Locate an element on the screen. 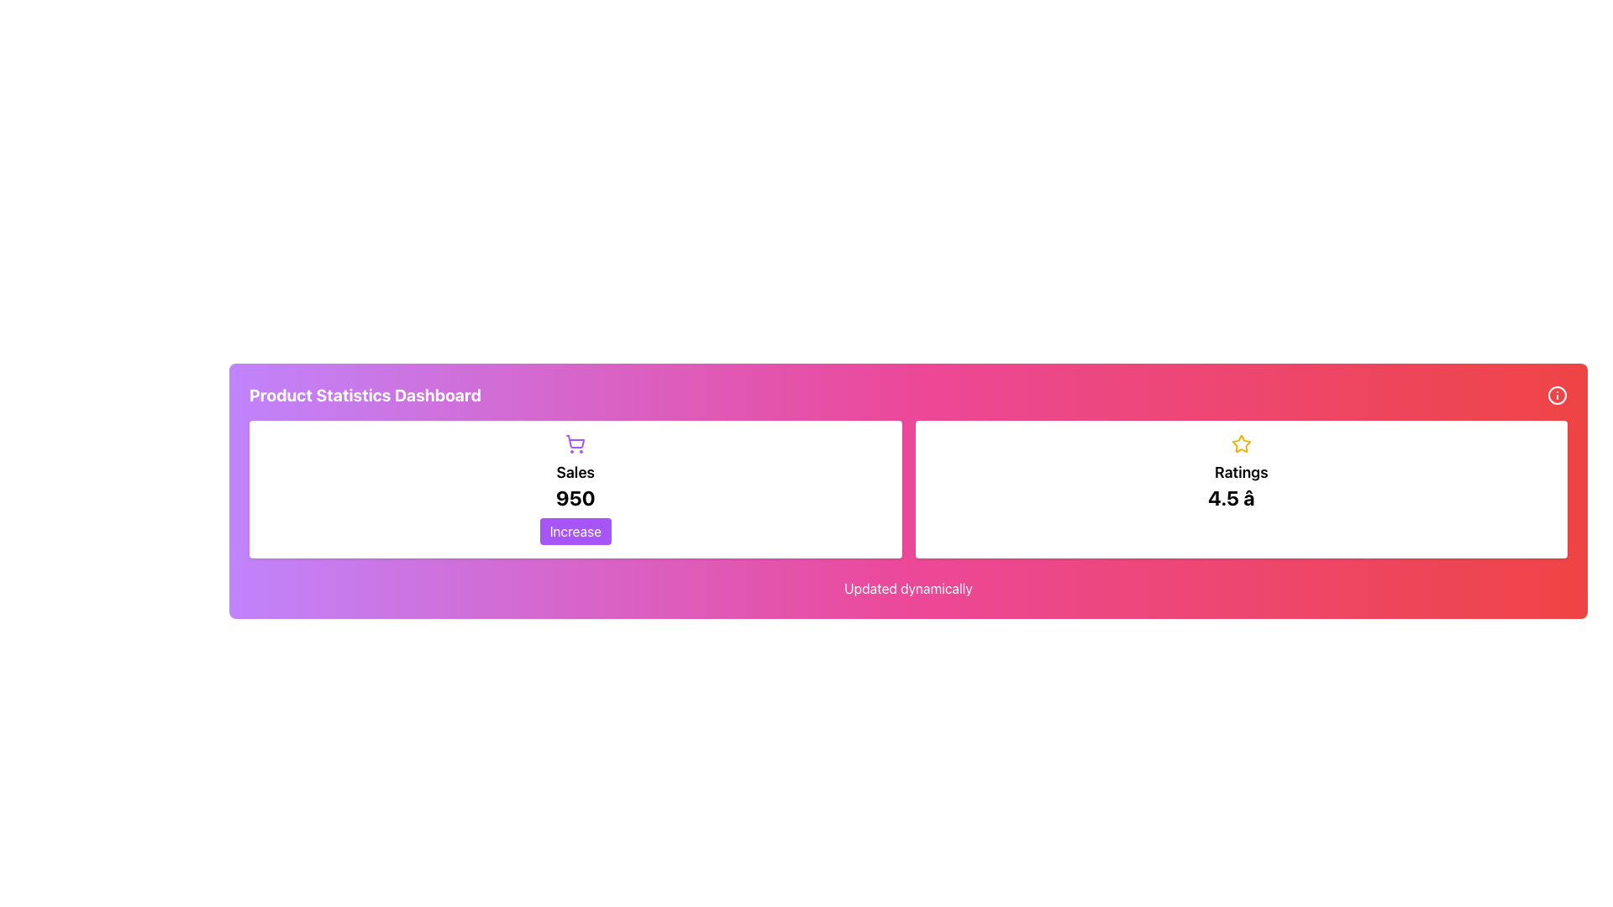  the numeric rating value text label located inside the white bordered box in the Ratings section, positioned below the 'Ratings' label and a star icon is located at coordinates (1241, 497).